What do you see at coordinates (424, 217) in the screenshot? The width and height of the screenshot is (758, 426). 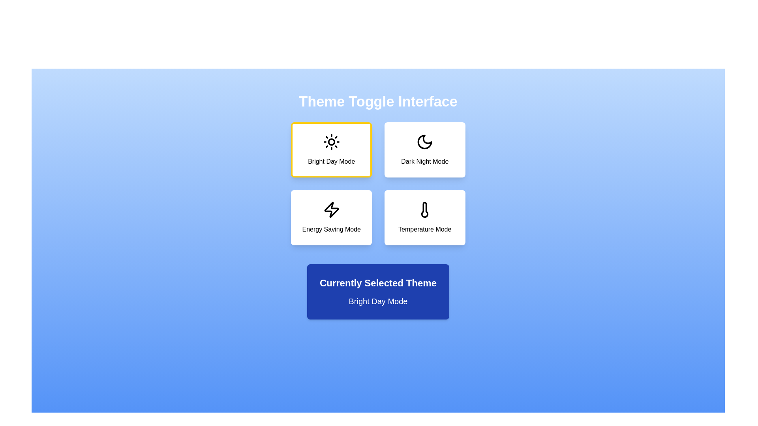 I see `the theme Temperature Mode by clicking its button` at bounding box center [424, 217].